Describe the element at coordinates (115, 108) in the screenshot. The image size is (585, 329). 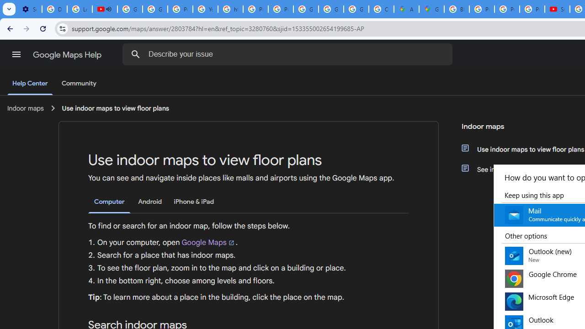
I see `'Use indoor maps to view floor plans'` at that location.